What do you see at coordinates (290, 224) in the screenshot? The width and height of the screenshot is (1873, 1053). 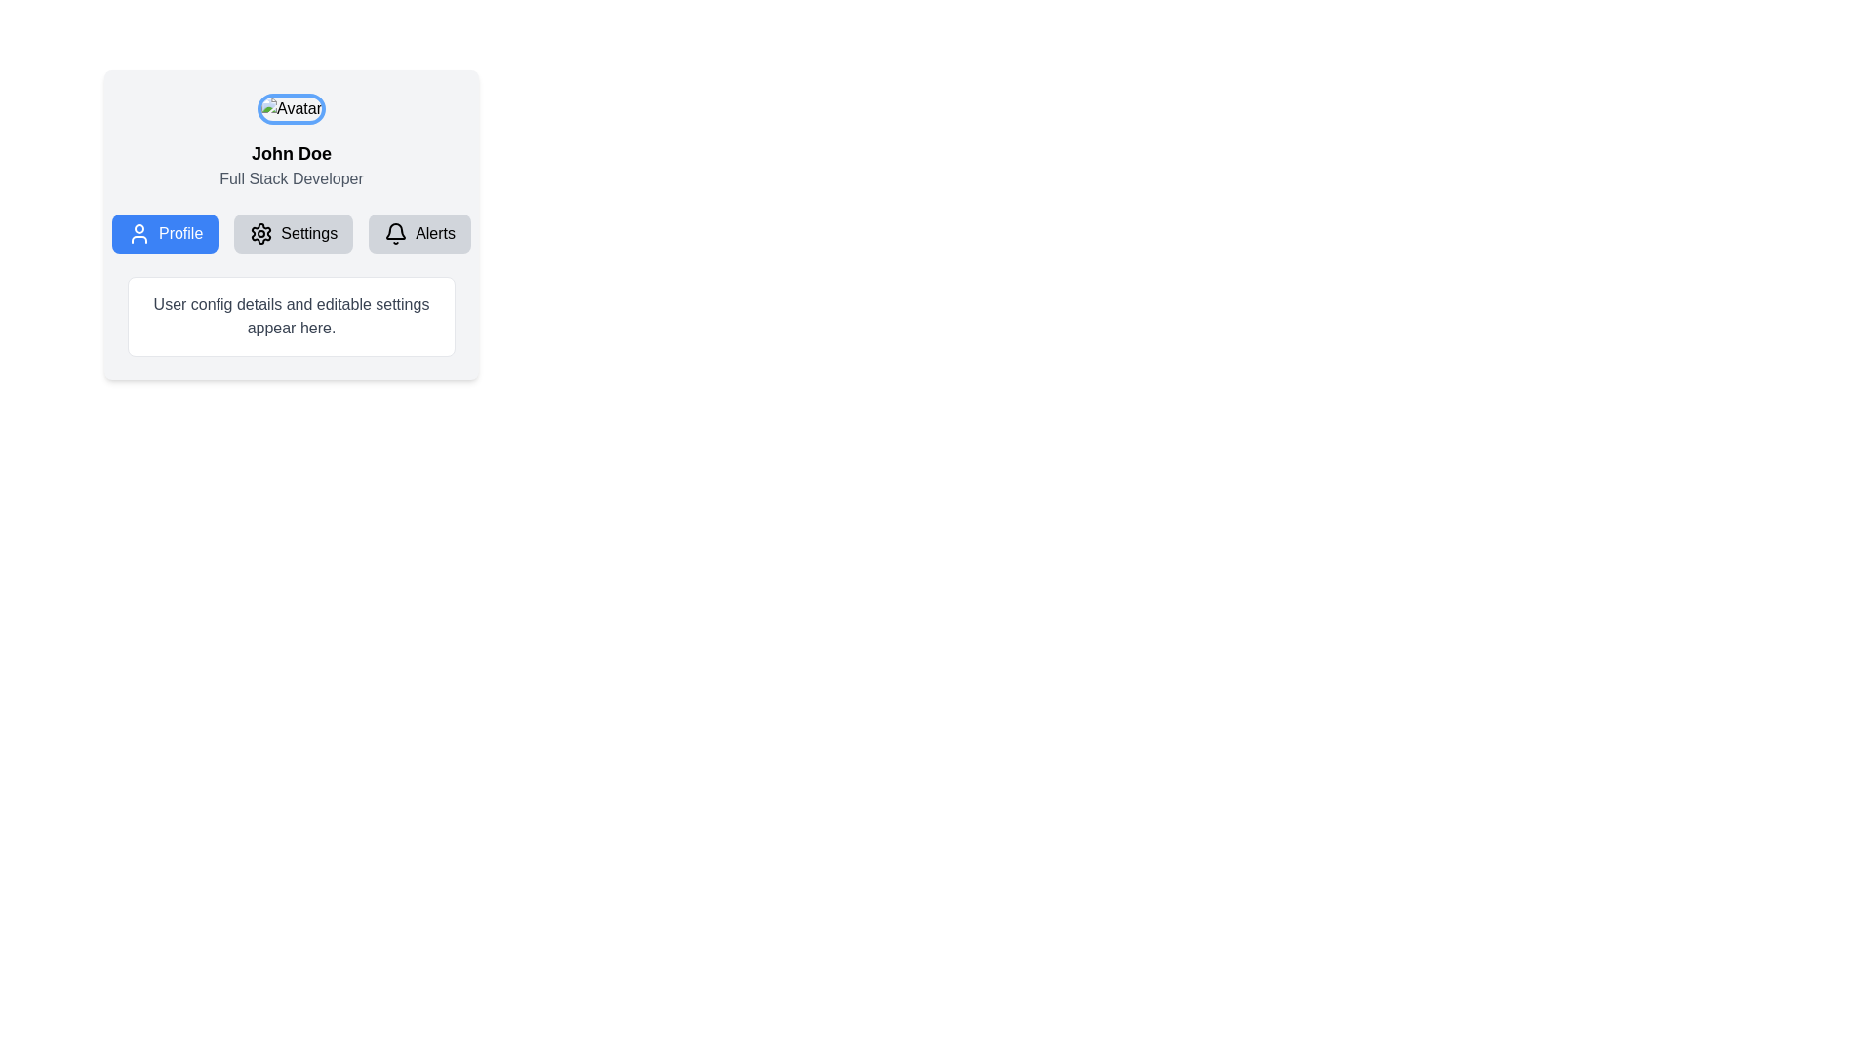 I see `the 'Settings' button located` at bounding box center [290, 224].